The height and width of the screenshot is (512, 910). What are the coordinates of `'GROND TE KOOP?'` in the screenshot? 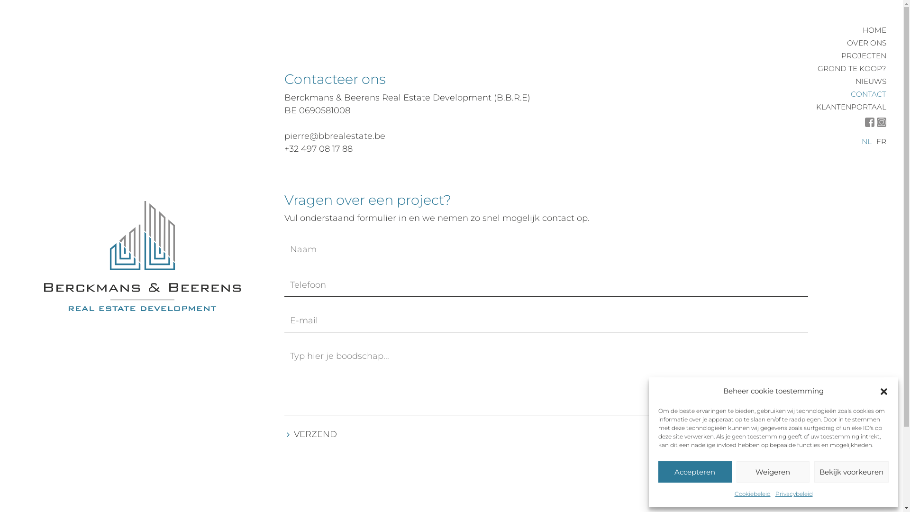 It's located at (852, 68).